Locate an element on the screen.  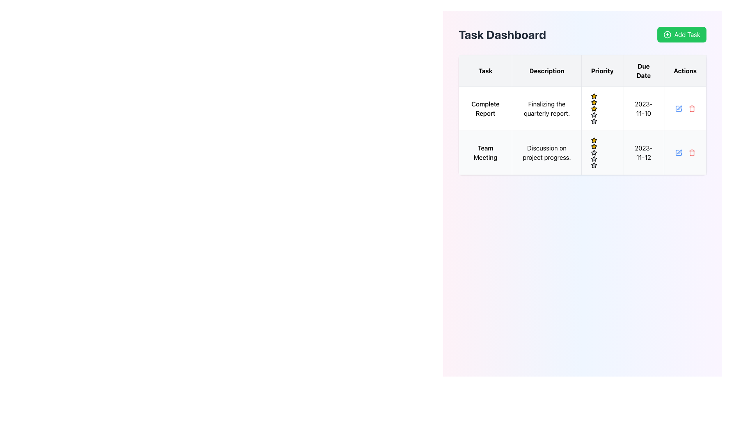
the trash can icon located in the 'Actions' column of the second row corresponding to 'Team Meeting' is located at coordinates (692, 153).